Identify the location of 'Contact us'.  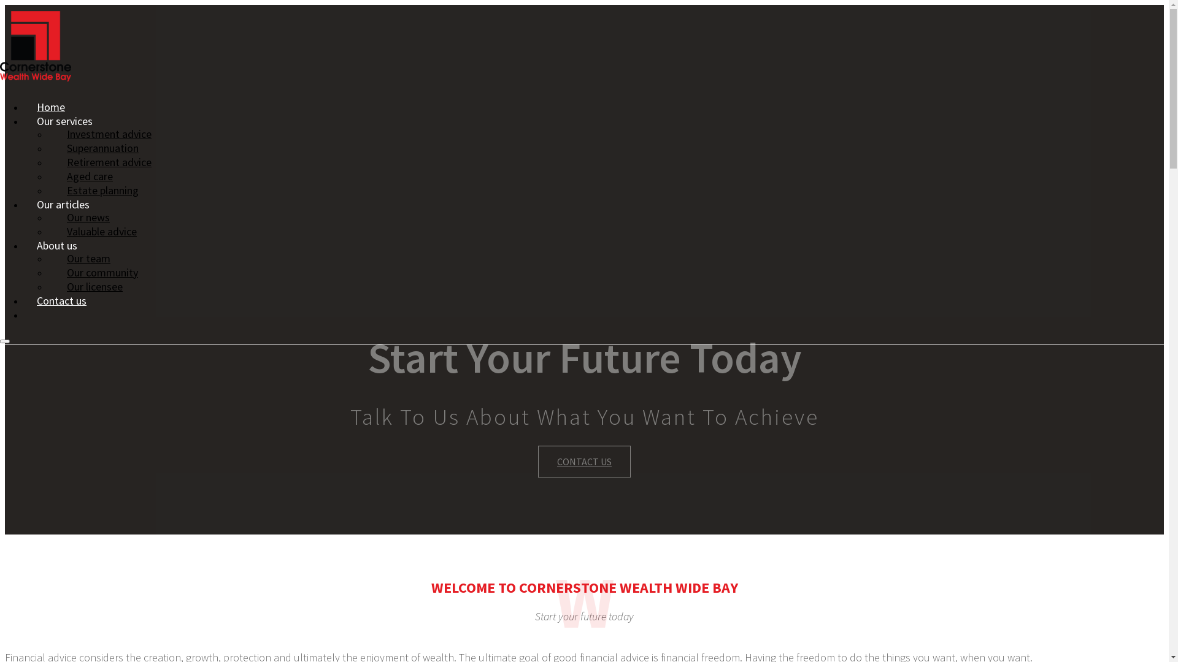
(24, 300).